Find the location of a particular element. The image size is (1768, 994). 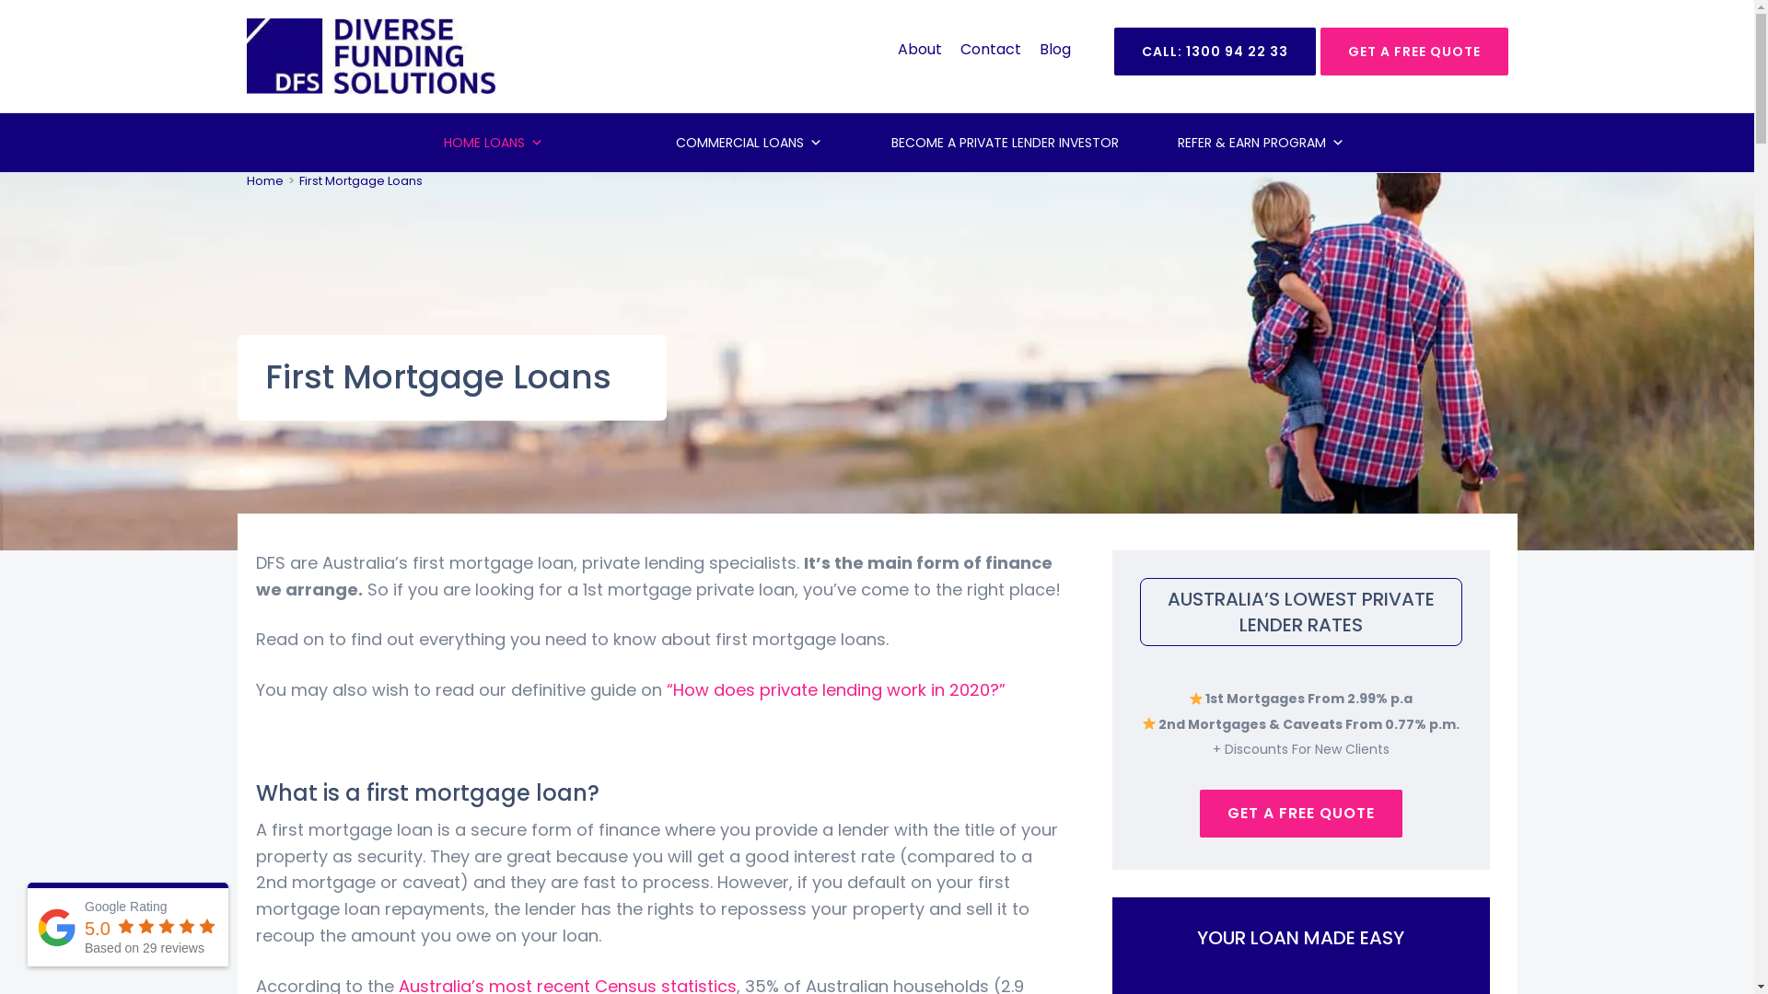

'Blog' is located at coordinates (1054, 48).